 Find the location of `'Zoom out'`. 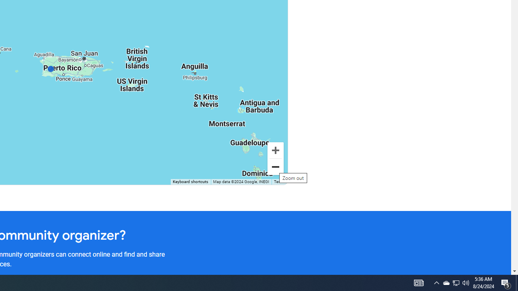

'Zoom out' is located at coordinates (275, 166).